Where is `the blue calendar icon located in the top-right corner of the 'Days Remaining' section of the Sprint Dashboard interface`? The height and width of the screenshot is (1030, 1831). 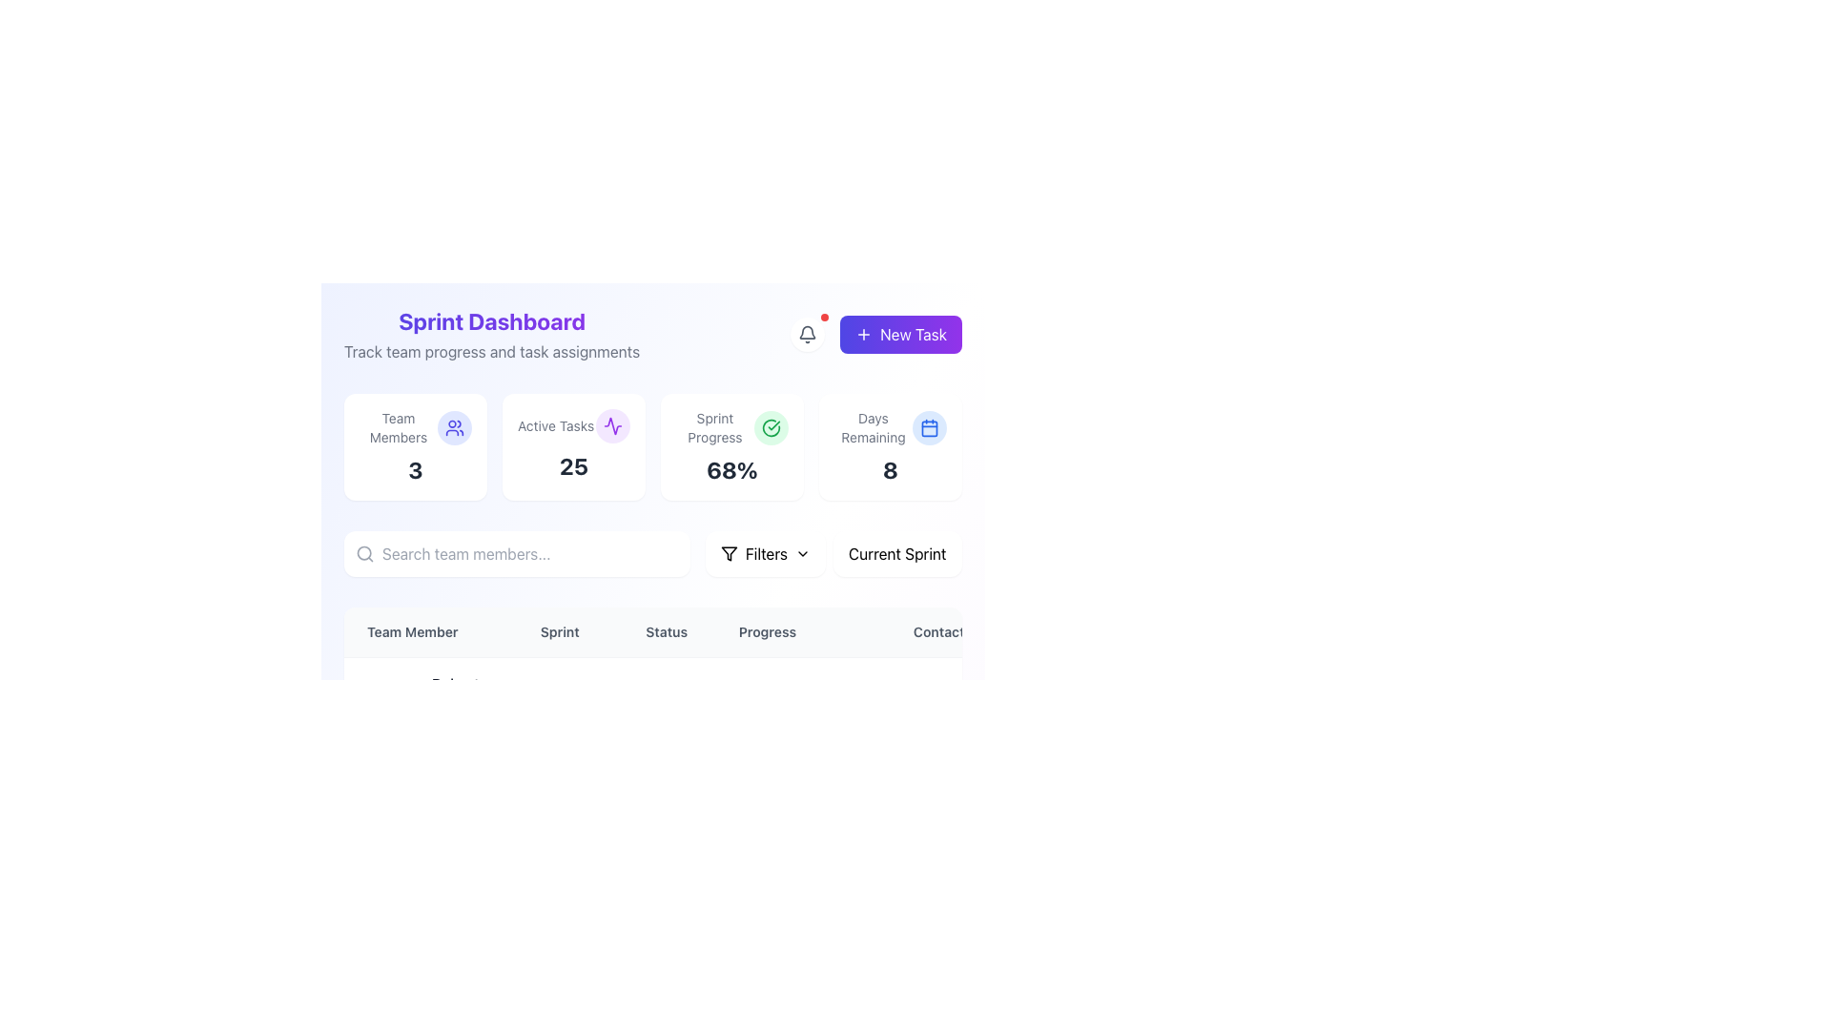 the blue calendar icon located in the top-right corner of the 'Days Remaining' section of the Sprint Dashboard interface is located at coordinates (929, 426).